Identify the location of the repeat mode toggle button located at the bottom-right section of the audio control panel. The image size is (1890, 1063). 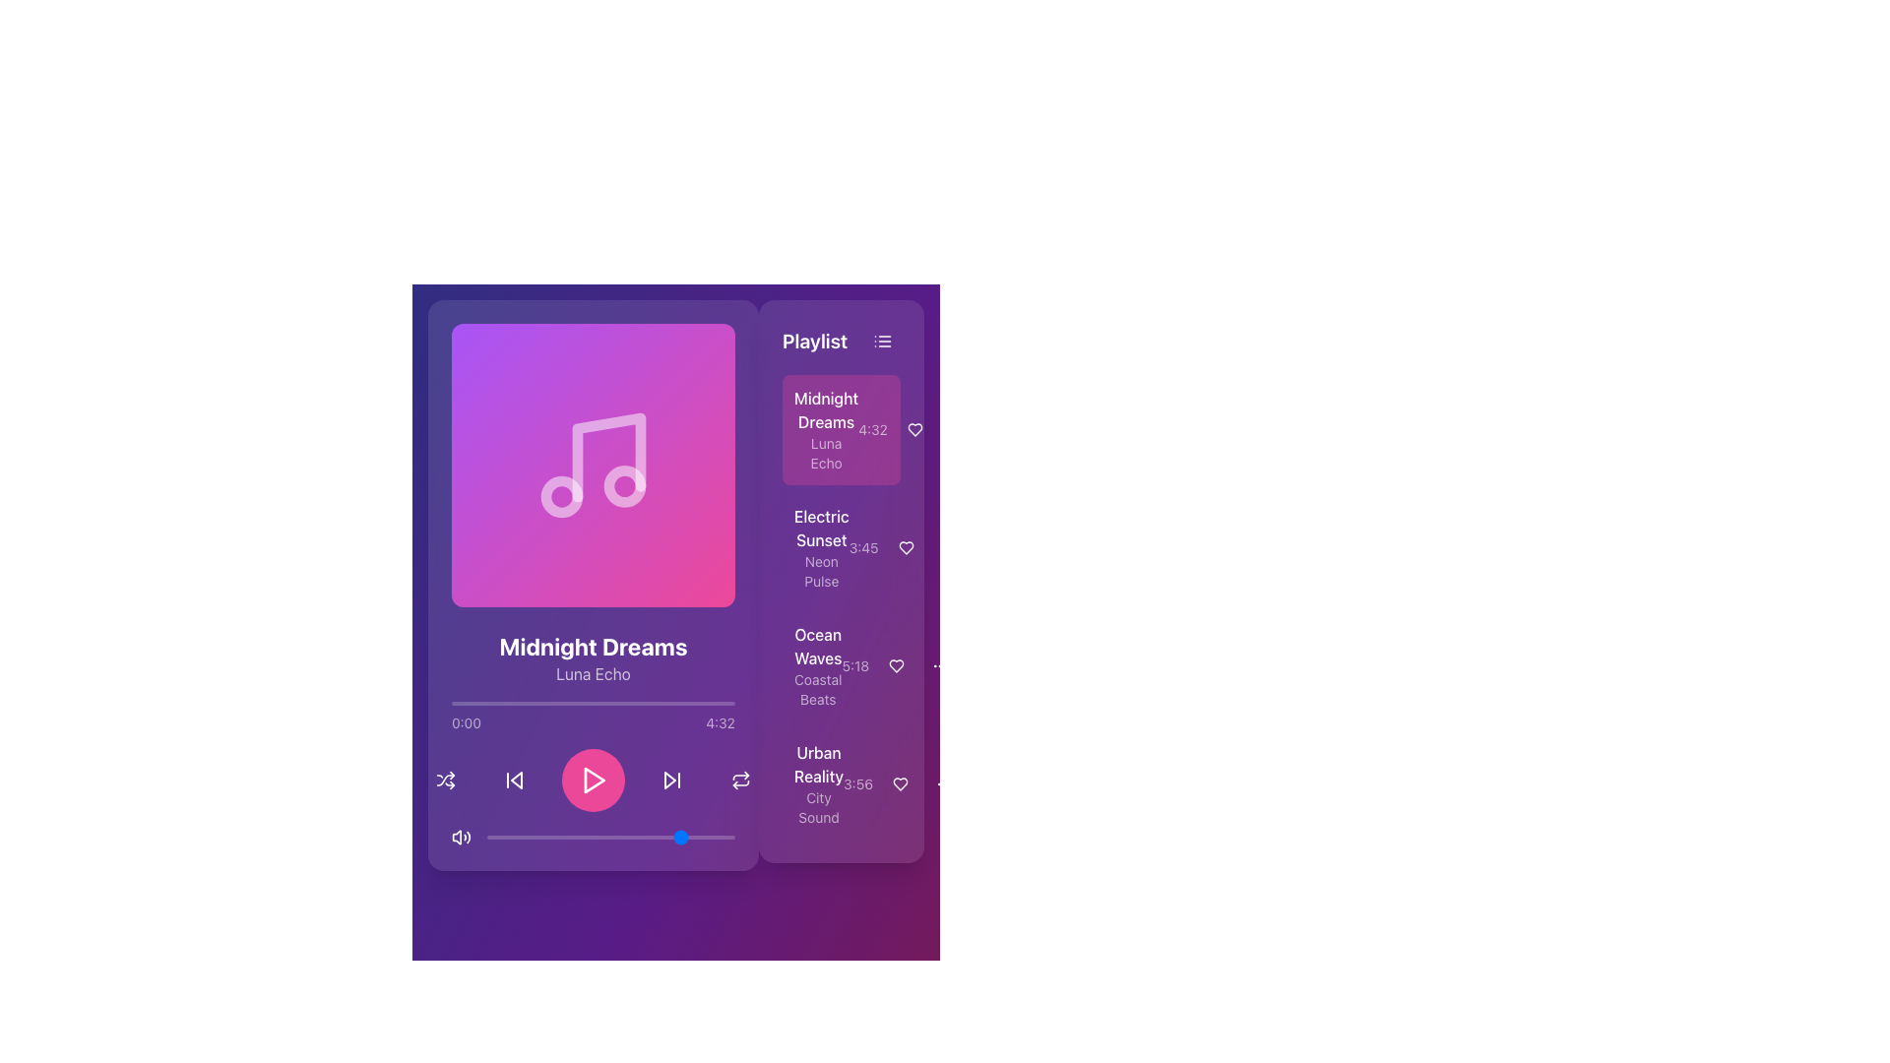
(740, 780).